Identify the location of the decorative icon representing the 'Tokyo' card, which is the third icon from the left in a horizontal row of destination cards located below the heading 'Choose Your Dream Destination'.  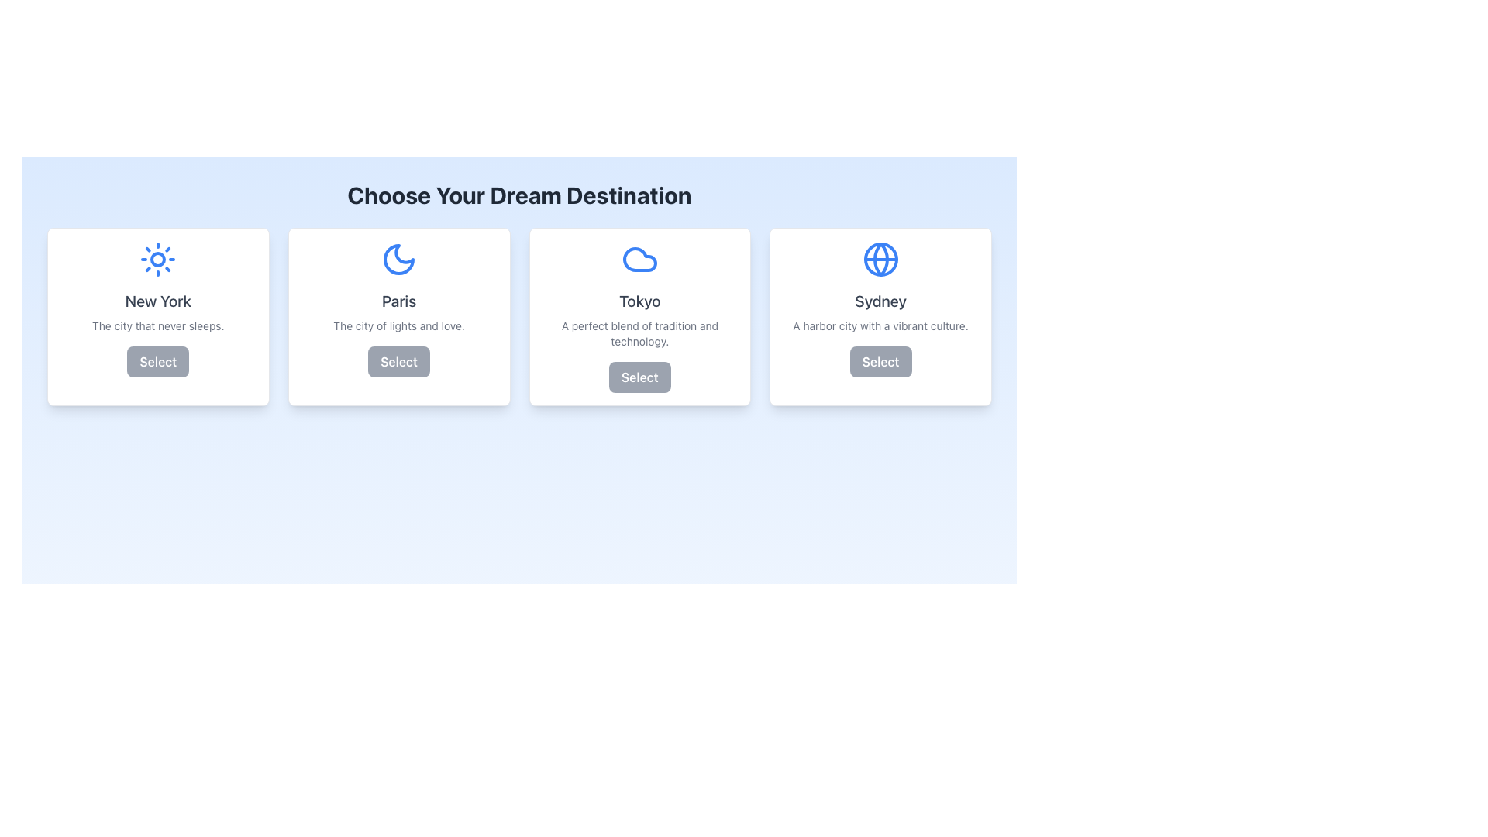
(639, 259).